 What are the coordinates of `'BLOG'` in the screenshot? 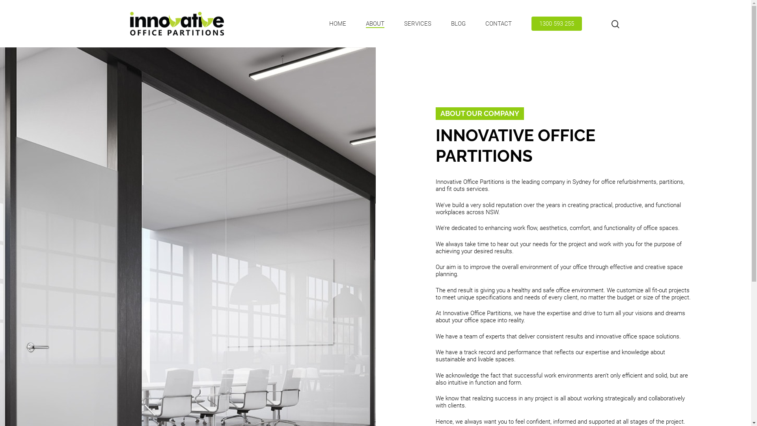 It's located at (458, 23).